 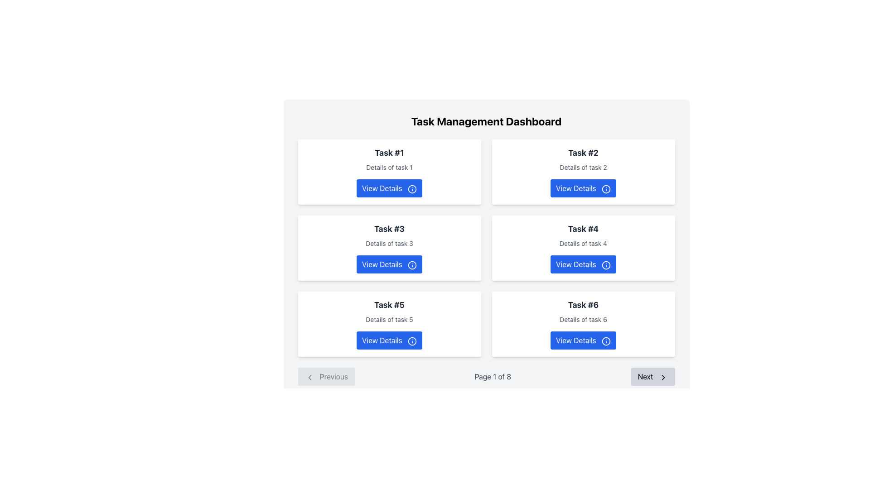 What do you see at coordinates (583, 153) in the screenshot?
I see `the bold, large text label displaying 'Task #2' in dark gray color, which is located in the second card of the first row of a grid layout, above the 'Details of task 2' text and 'View Details' button` at bounding box center [583, 153].